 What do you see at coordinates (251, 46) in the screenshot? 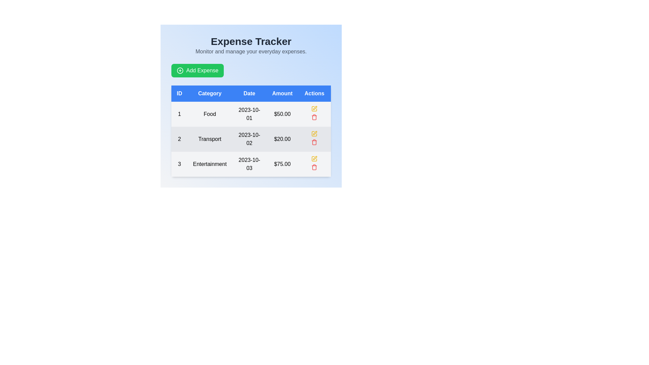
I see `the Text Block that serves as the title and subtitle of the section, providing context about the displayed data and actions` at bounding box center [251, 46].